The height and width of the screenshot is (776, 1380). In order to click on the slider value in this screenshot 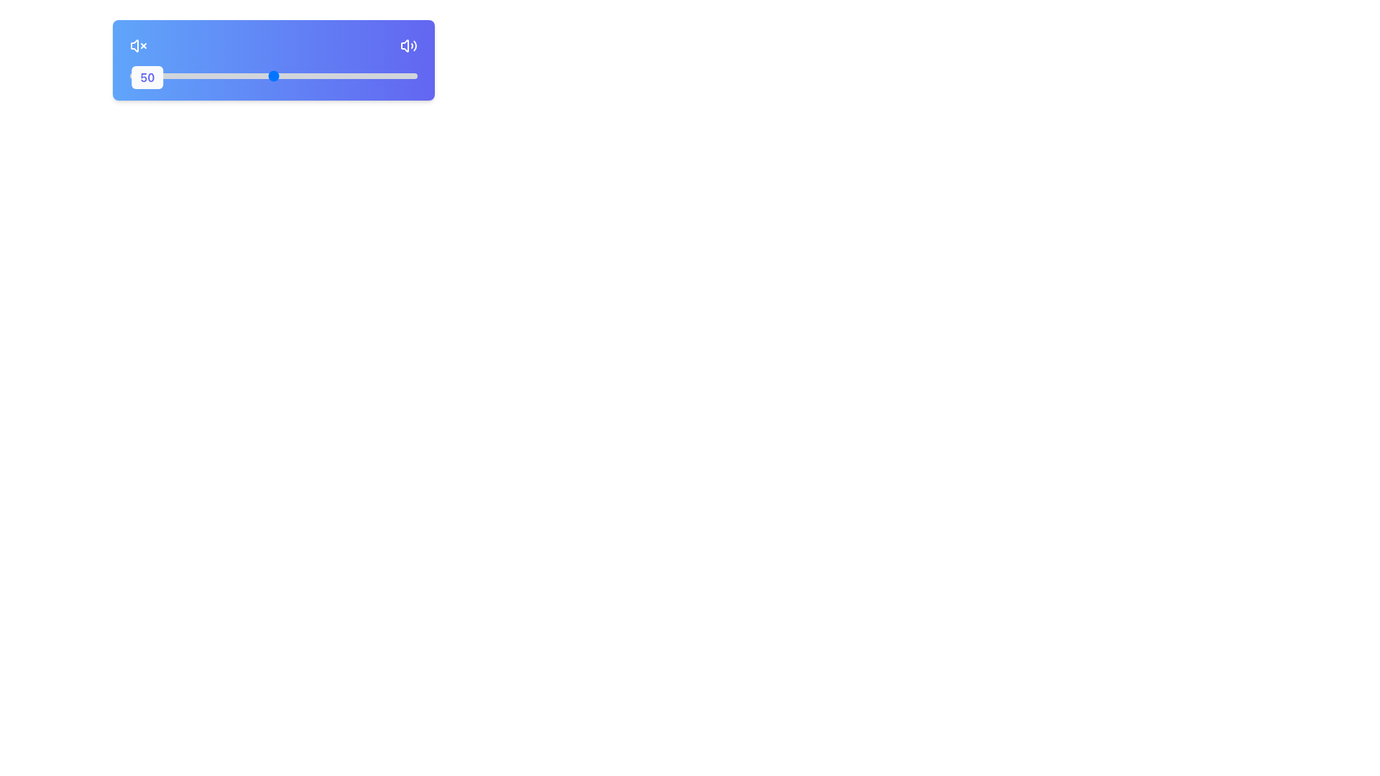, I will do `click(413, 75)`.